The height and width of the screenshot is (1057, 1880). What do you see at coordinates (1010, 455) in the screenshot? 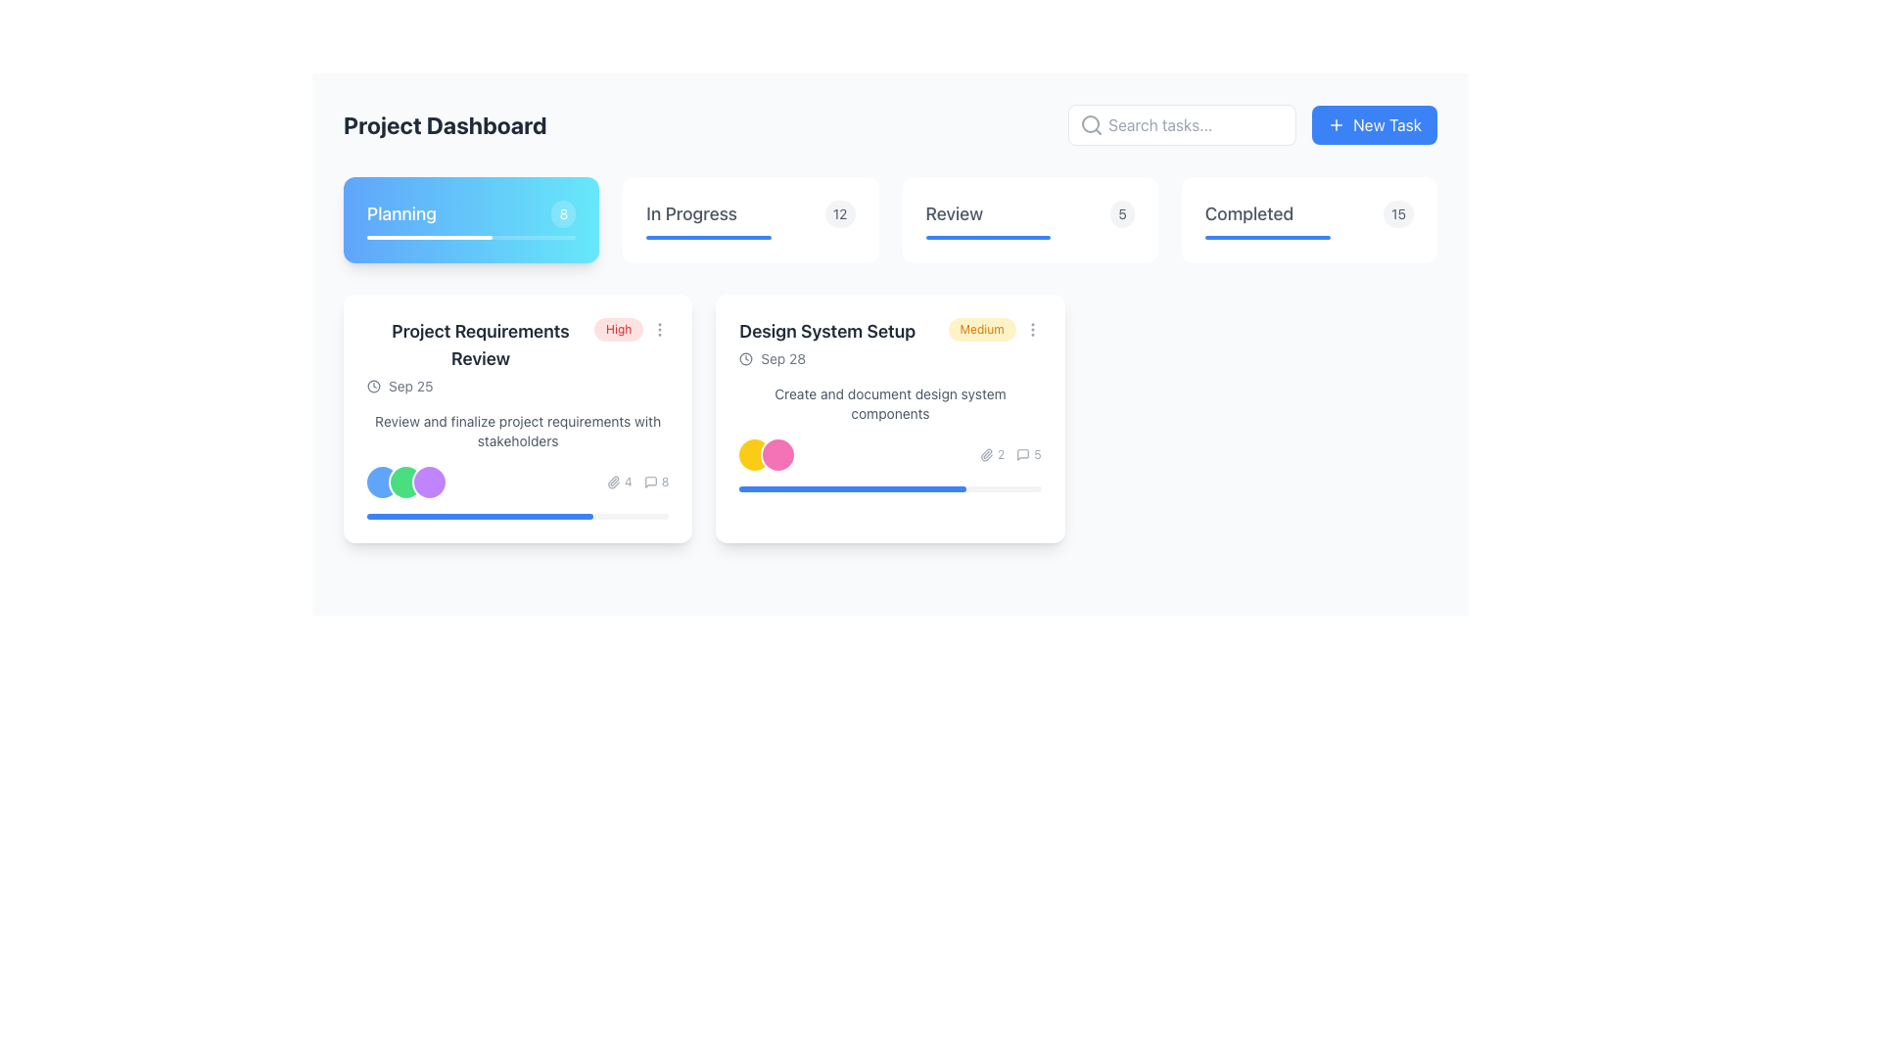
I see `displayed numbers in the auxiliary information section located in the lower part of the 'Design System Setup' card, right of the colorful circular icons and above the progress bar` at bounding box center [1010, 455].